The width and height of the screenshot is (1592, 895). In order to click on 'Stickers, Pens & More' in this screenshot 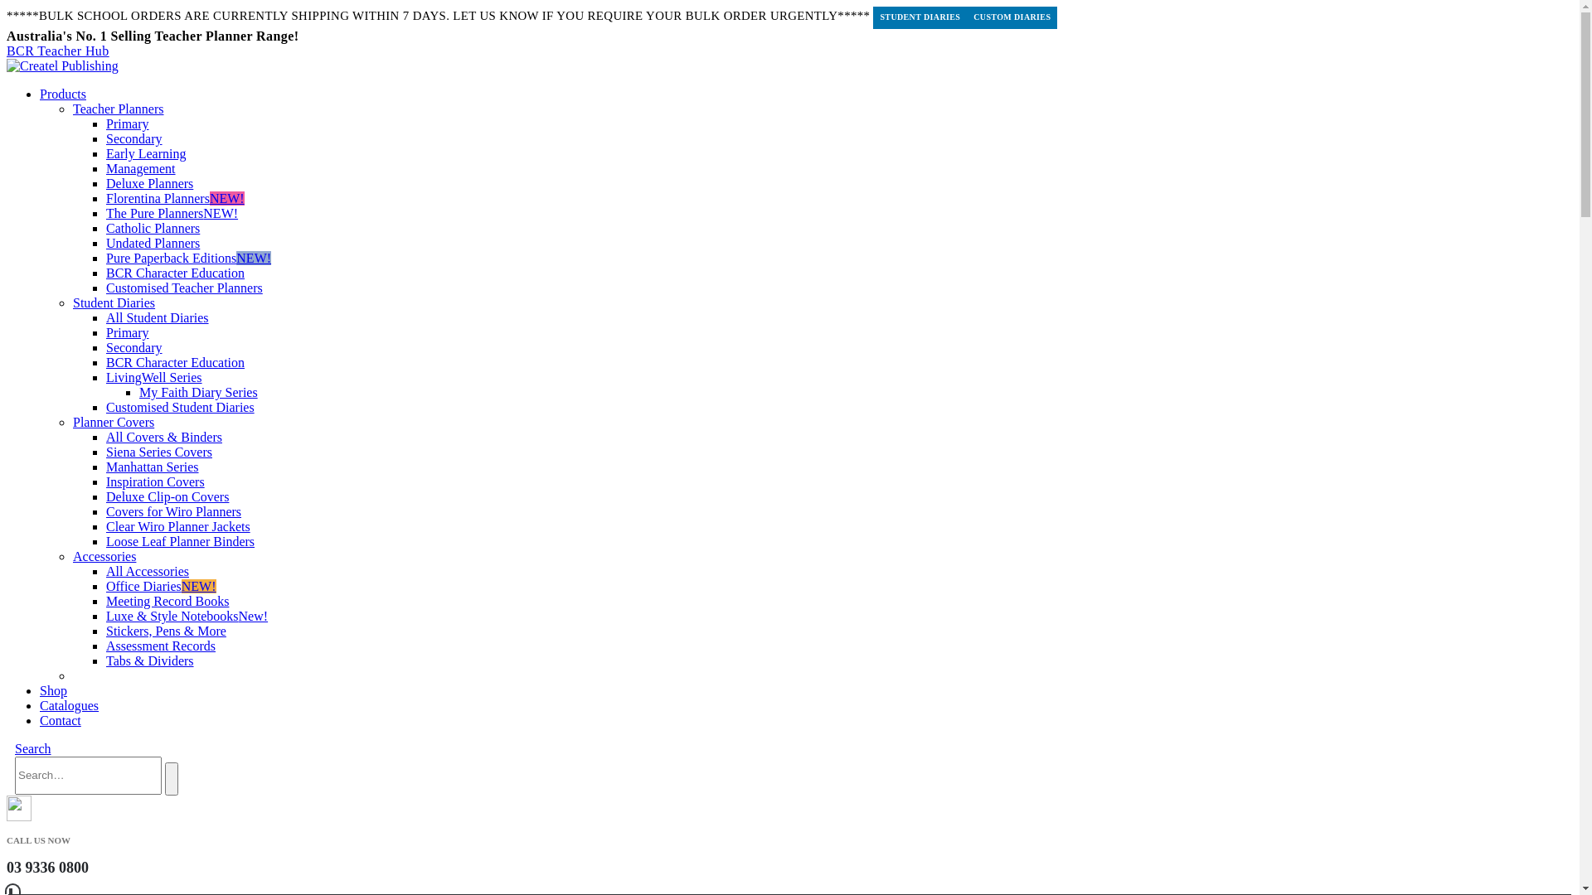, I will do `click(166, 631)`.